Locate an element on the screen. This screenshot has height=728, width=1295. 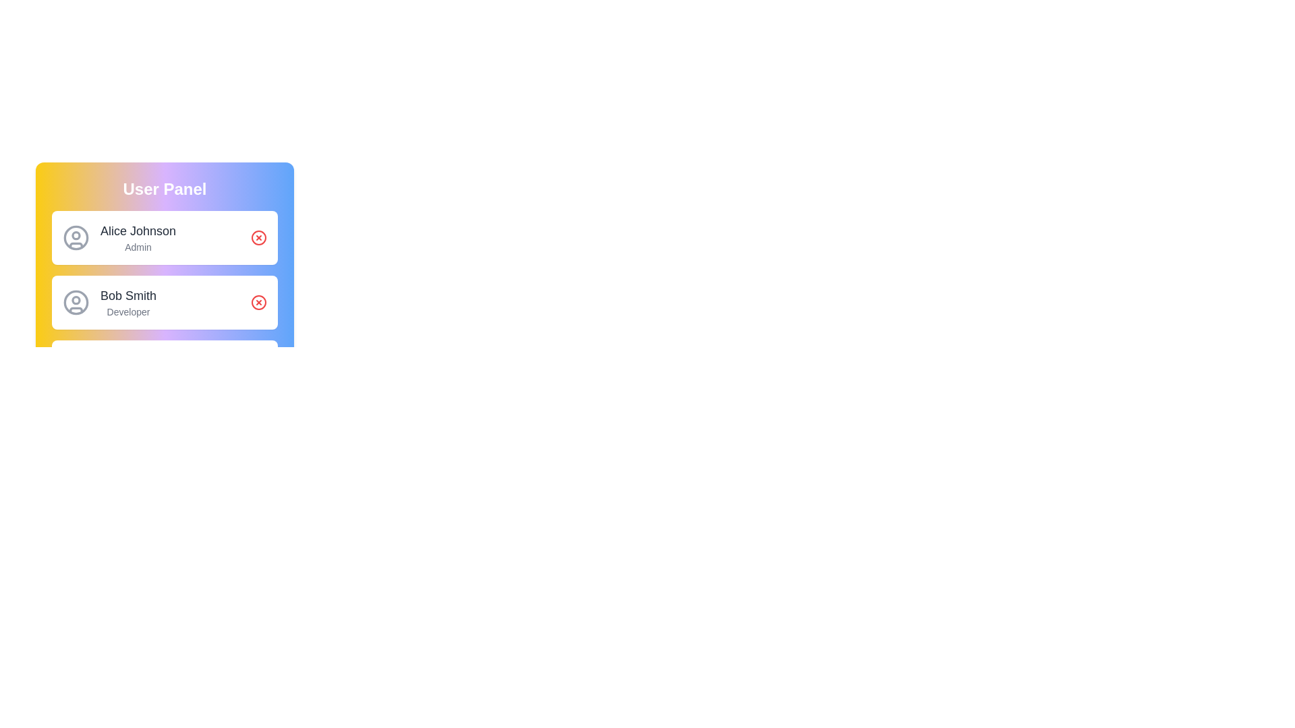
the Text display field that shows the name and role of the user 'Alice Johnson', an 'Admin', located near the top-left corner of the User Panel, beside a circular user avatar and above the text 'Bob Smith' is located at coordinates (138, 237).